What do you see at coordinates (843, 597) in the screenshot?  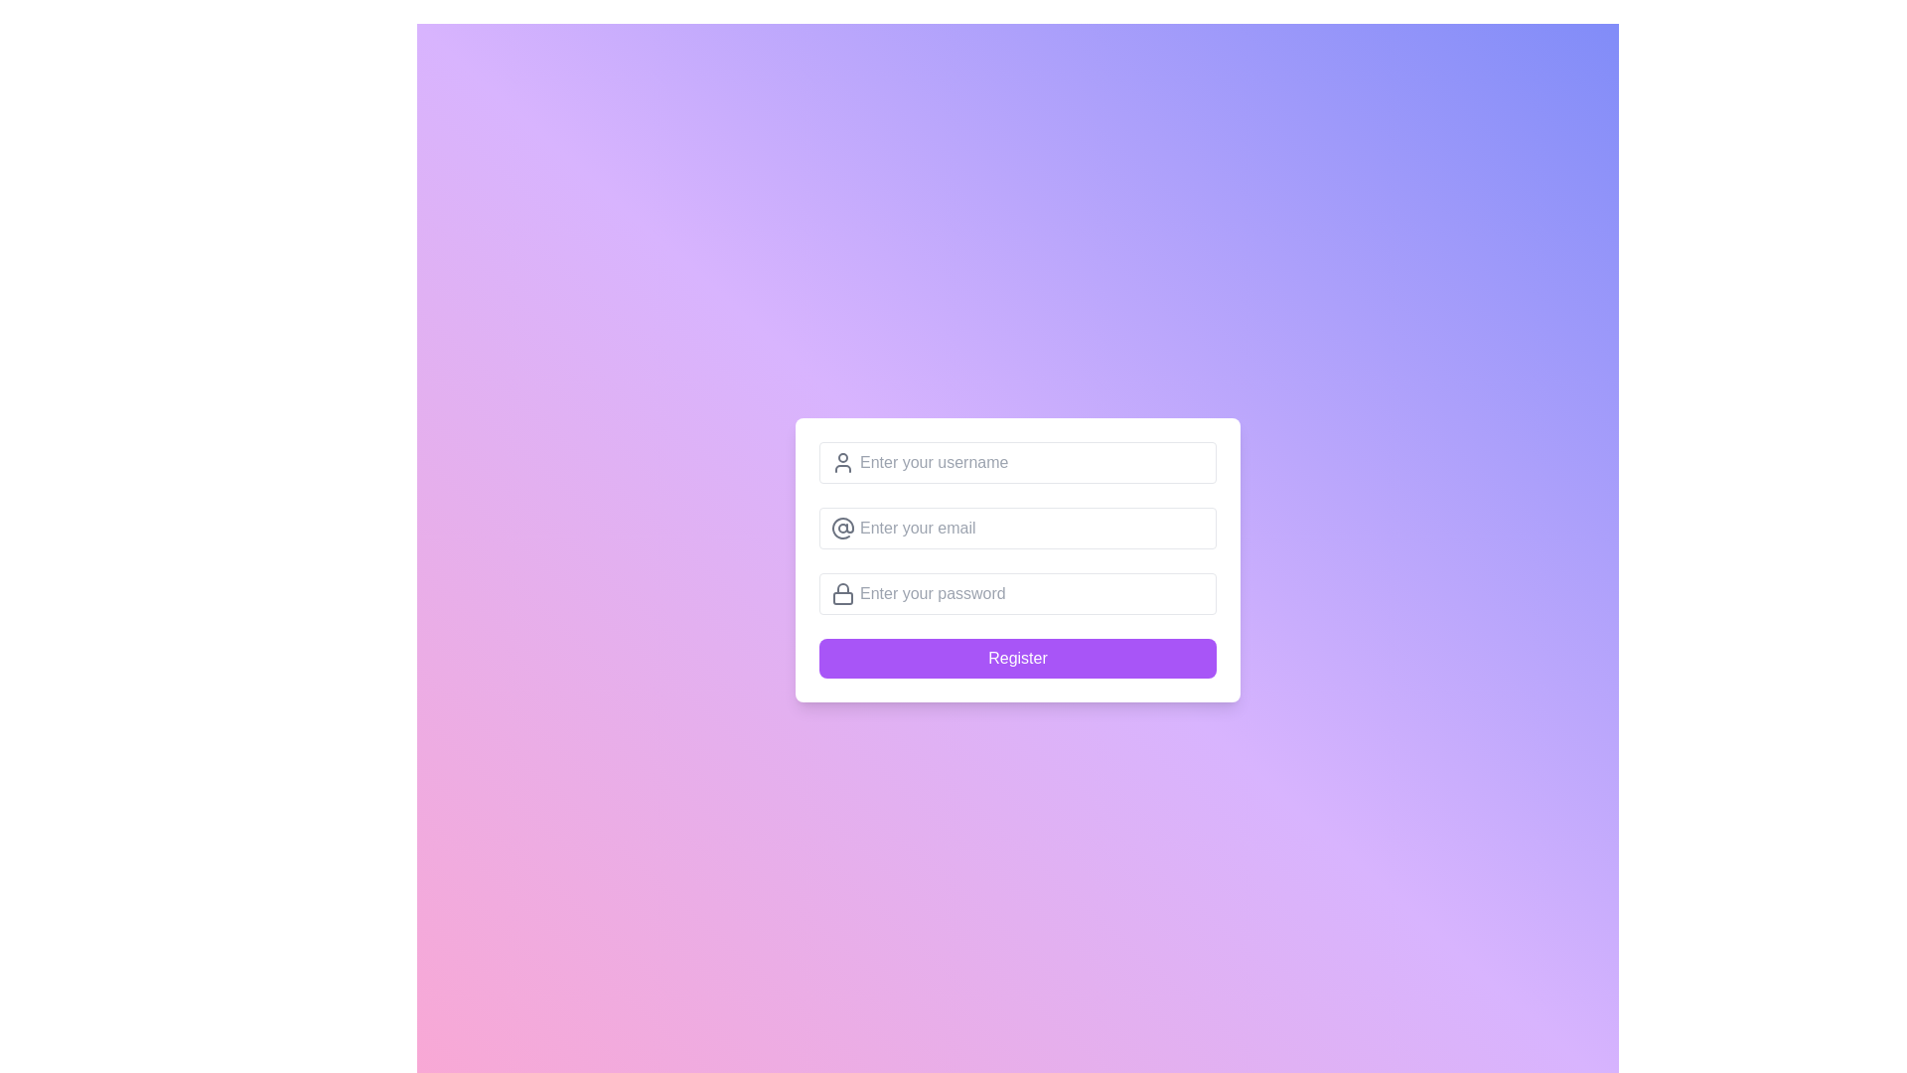 I see `the lock body rectangle icon, which visually represents the main body of the lock in the password input field` at bounding box center [843, 597].